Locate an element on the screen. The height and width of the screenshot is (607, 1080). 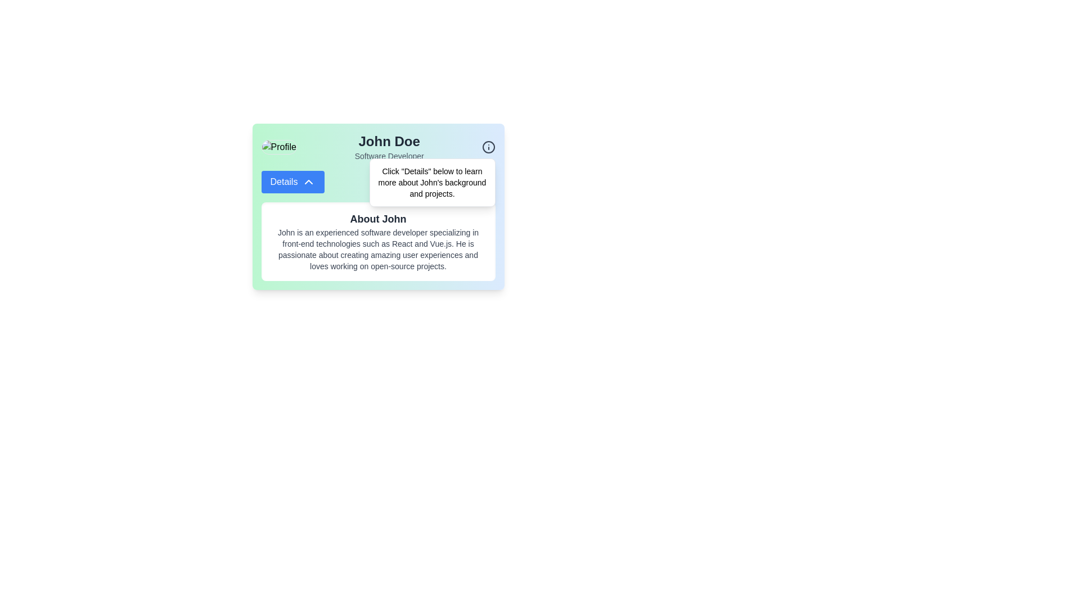
text from the Text Label that describes John's occupation or role, which is centrally aligned below the 'John Doe' title within the card layout is located at coordinates (389, 156).